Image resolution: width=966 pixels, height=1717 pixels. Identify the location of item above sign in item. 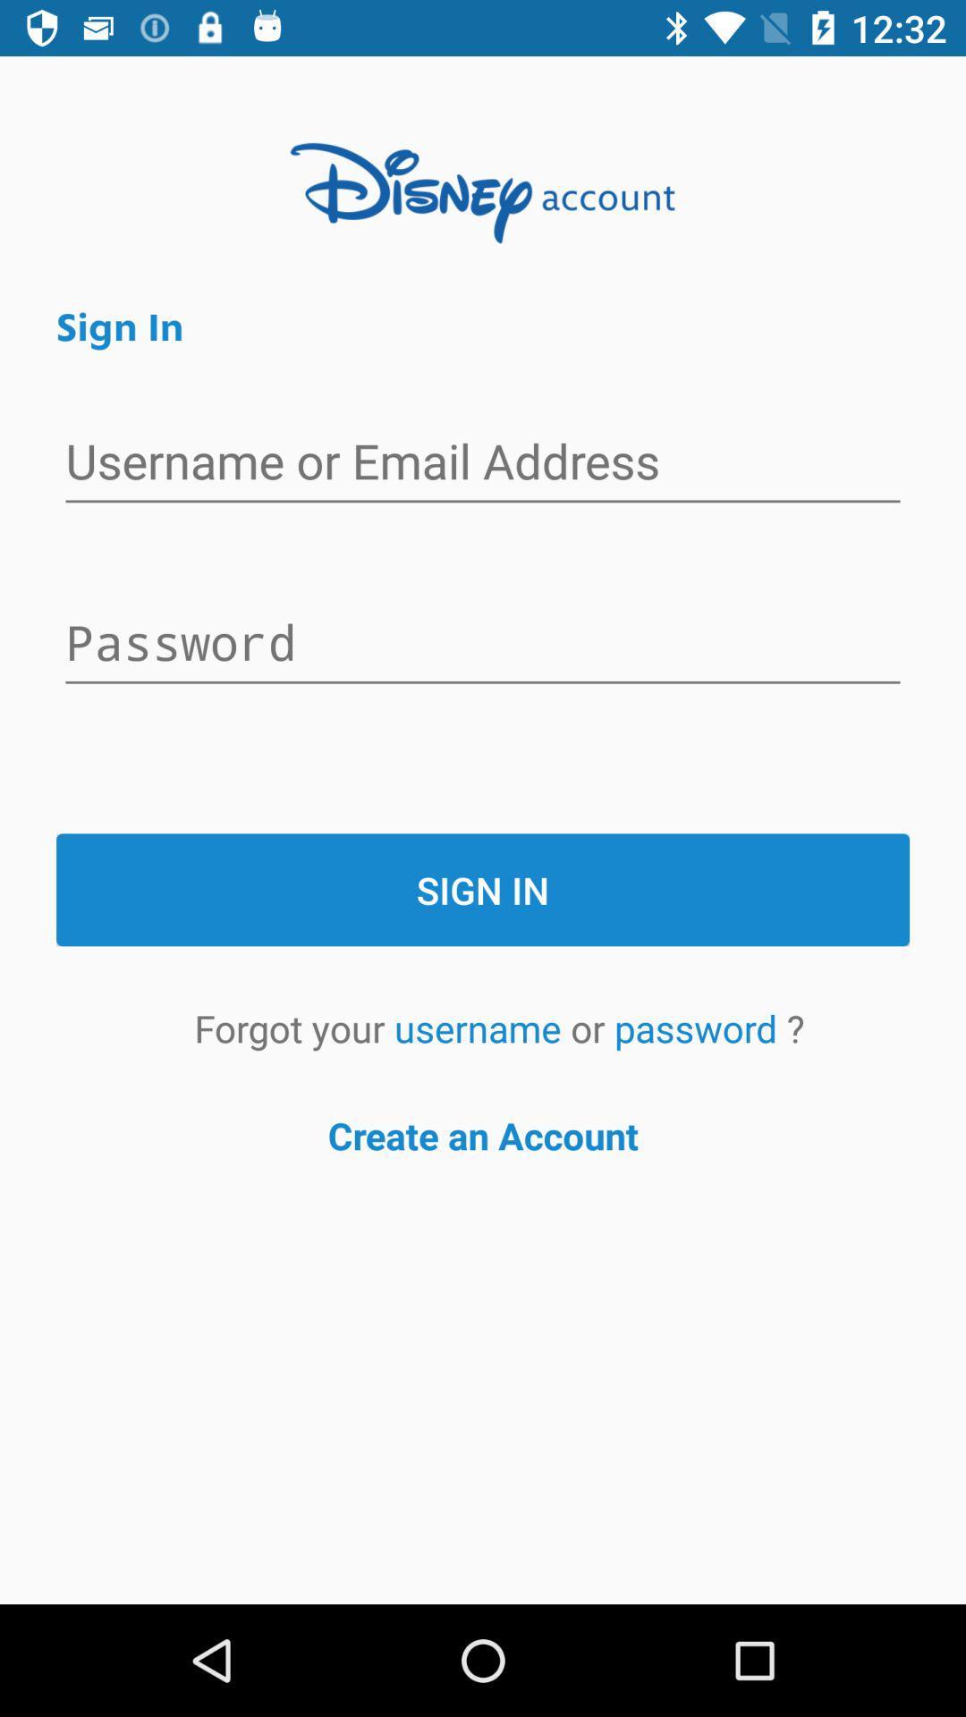
(483, 644).